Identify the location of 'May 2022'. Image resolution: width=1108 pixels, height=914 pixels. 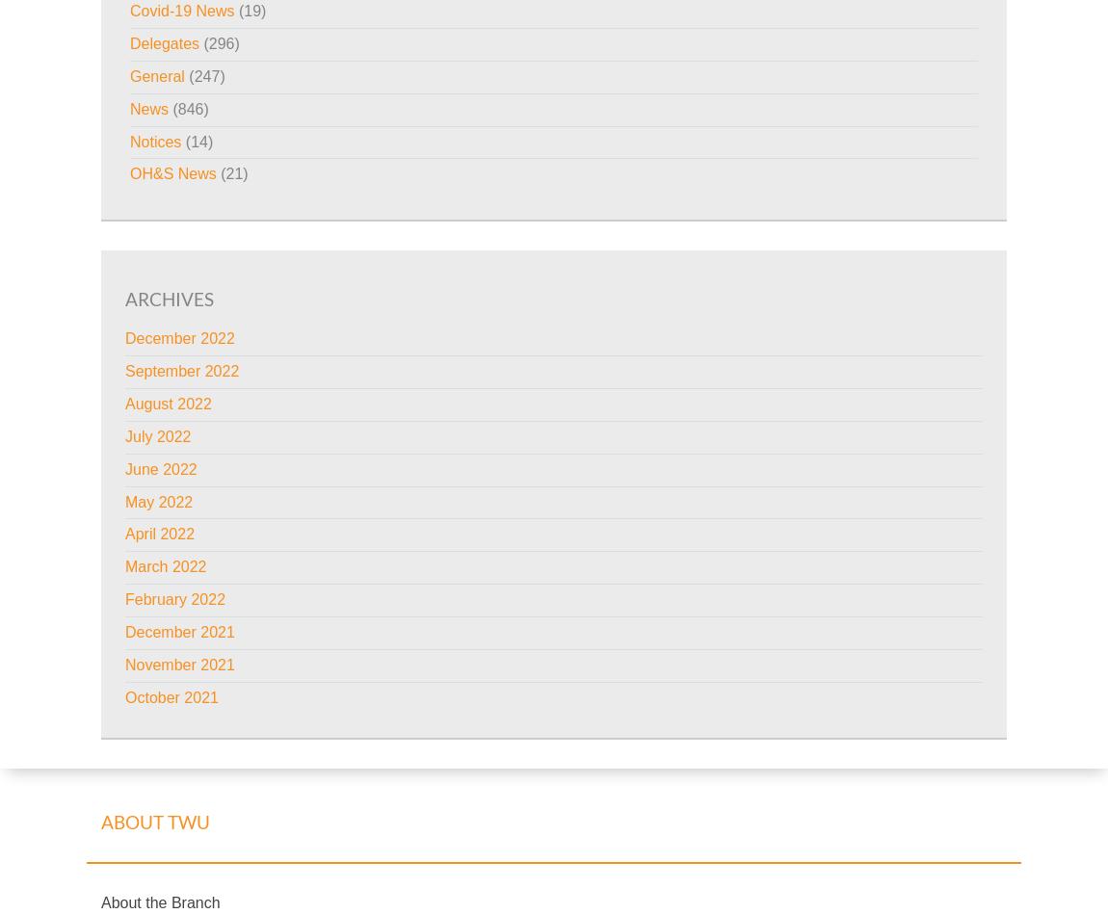
(123, 500).